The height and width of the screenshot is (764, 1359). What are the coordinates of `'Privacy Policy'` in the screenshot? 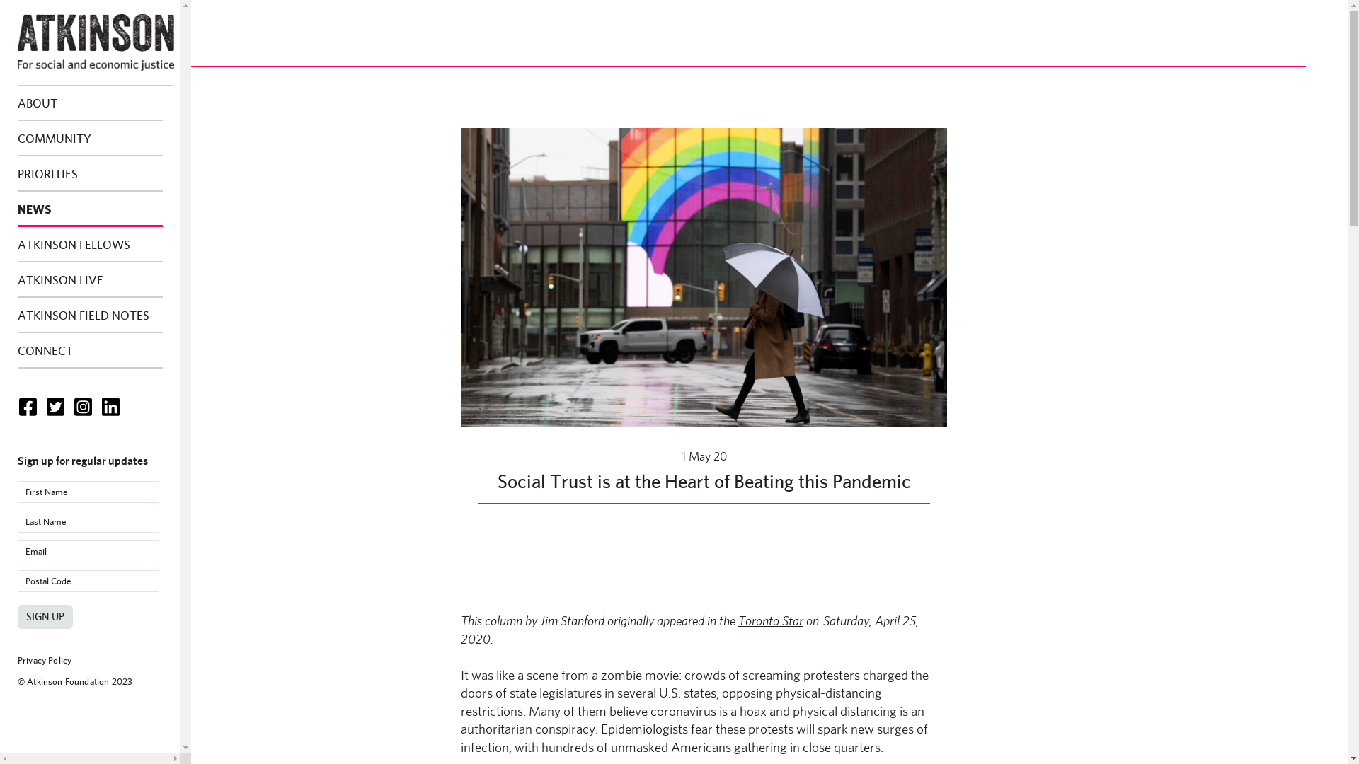 It's located at (44, 660).